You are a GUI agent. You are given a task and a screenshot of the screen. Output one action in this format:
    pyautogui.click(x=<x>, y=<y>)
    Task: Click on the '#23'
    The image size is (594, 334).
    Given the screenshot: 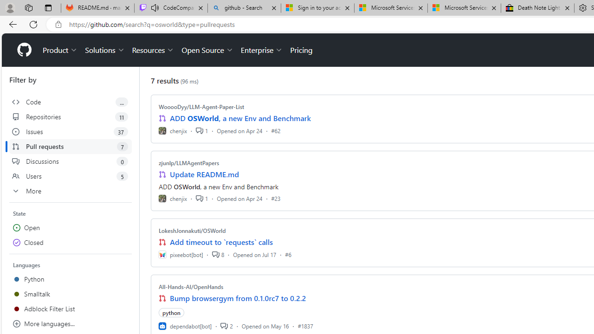 What is the action you would take?
    pyautogui.click(x=275, y=198)
    